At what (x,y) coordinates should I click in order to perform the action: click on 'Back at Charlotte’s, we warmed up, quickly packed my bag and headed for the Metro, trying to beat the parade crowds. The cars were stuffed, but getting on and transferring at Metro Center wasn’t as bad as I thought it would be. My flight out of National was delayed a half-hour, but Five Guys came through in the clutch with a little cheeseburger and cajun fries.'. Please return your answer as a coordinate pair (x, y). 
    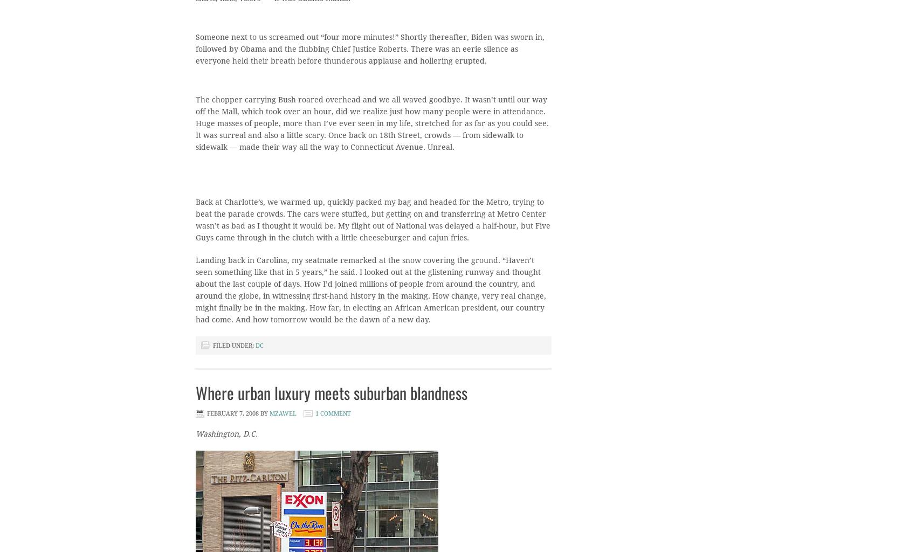
    Looking at the image, I should click on (372, 219).